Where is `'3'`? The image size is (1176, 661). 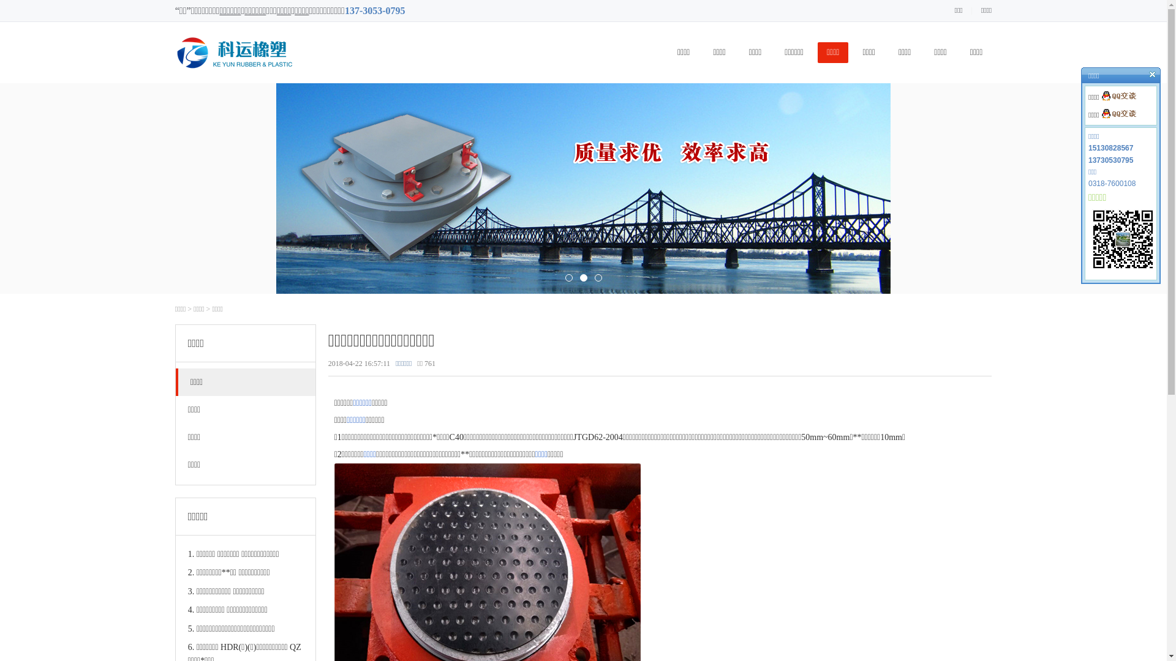 '3' is located at coordinates (594, 278).